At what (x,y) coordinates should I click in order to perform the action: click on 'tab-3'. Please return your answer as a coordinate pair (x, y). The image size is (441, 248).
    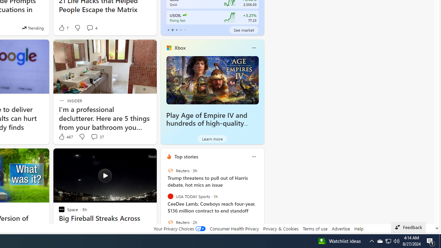
    Looking at the image, I should click on (181, 30).